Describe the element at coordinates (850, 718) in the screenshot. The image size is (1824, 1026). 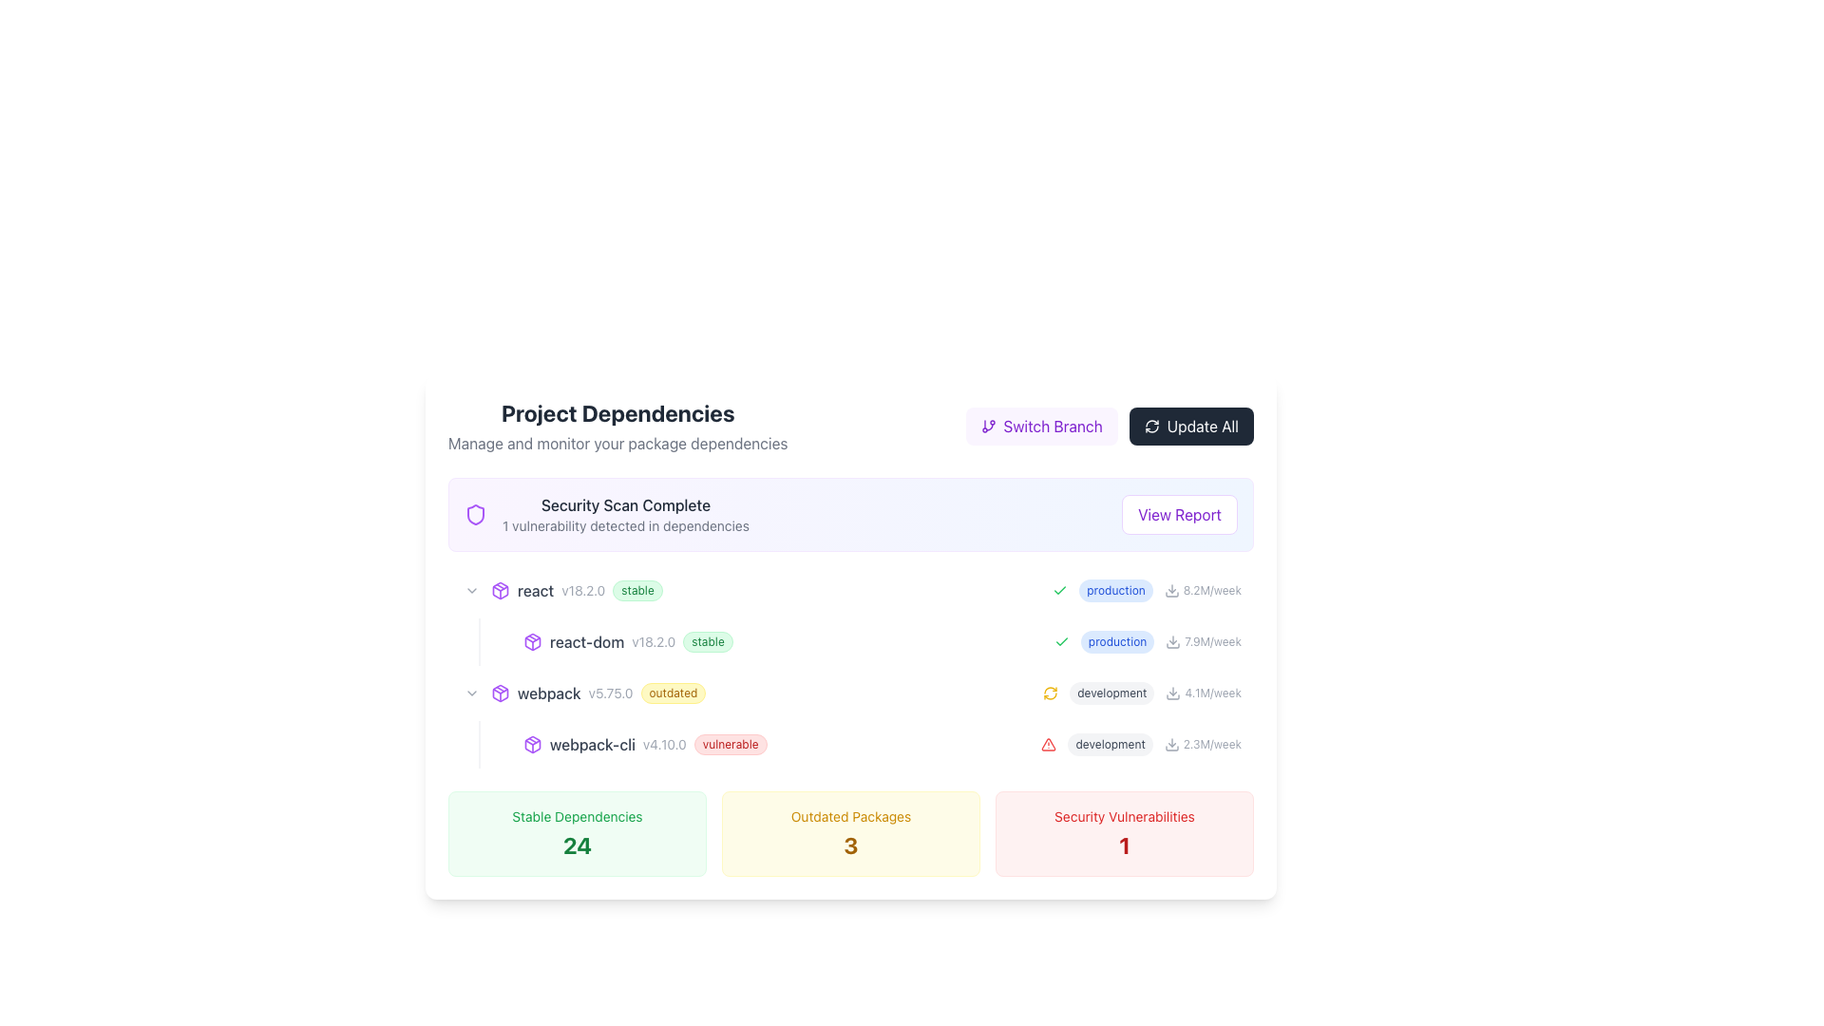
I see `the third entry of the list item displaying software dependency information, which shows details like version and status` at that location.